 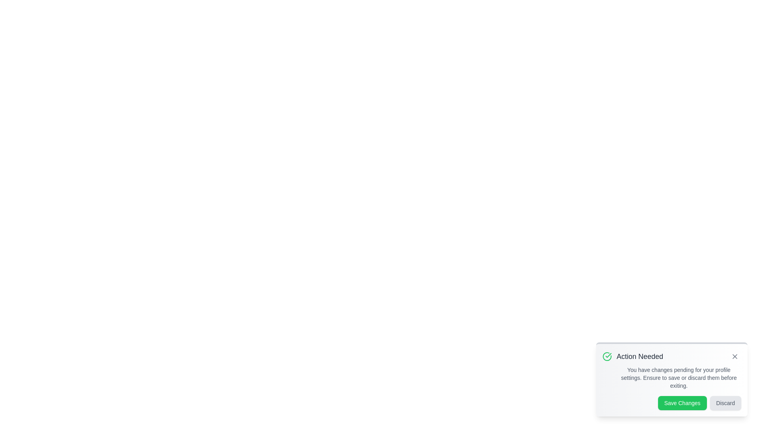 What do you see at coordinates (682, 403) in the screenshot?
I see `the 'Save Changes' button to save the changes` at bounding box center [682, 403].